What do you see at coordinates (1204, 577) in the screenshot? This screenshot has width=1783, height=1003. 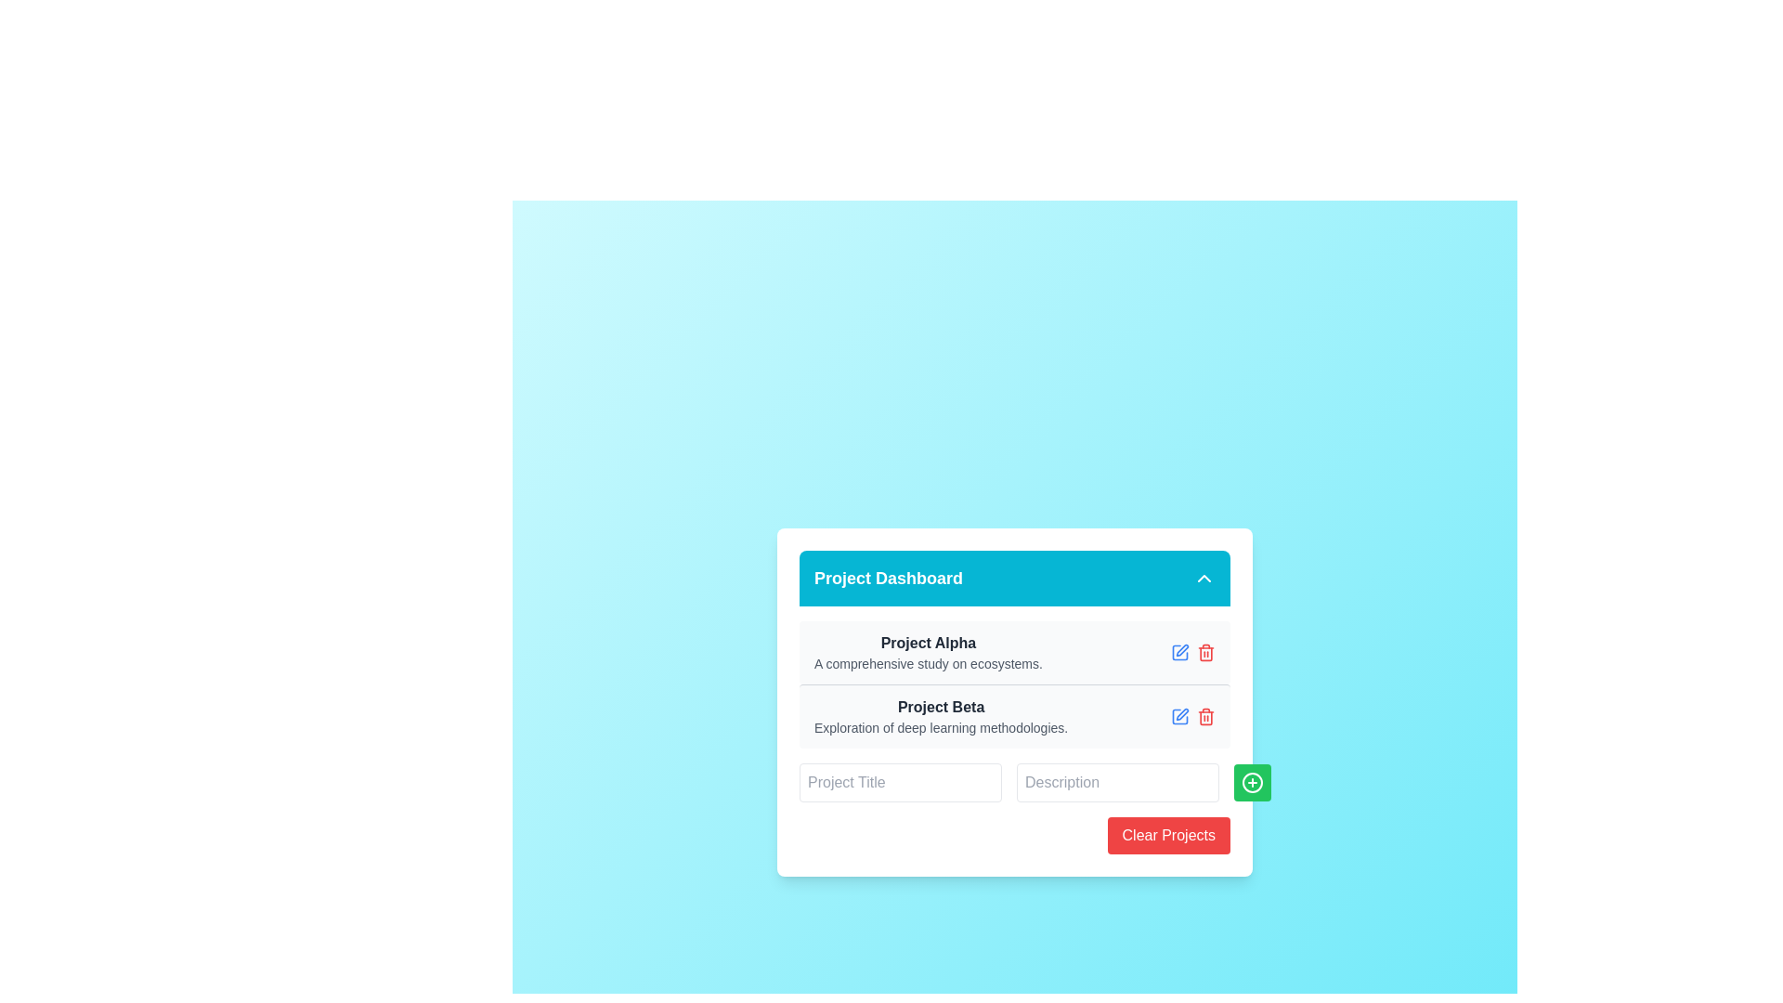 I see `the rightmost icon button in the top-right corner of the cyan header bar` at bounding box center [1204, 577].